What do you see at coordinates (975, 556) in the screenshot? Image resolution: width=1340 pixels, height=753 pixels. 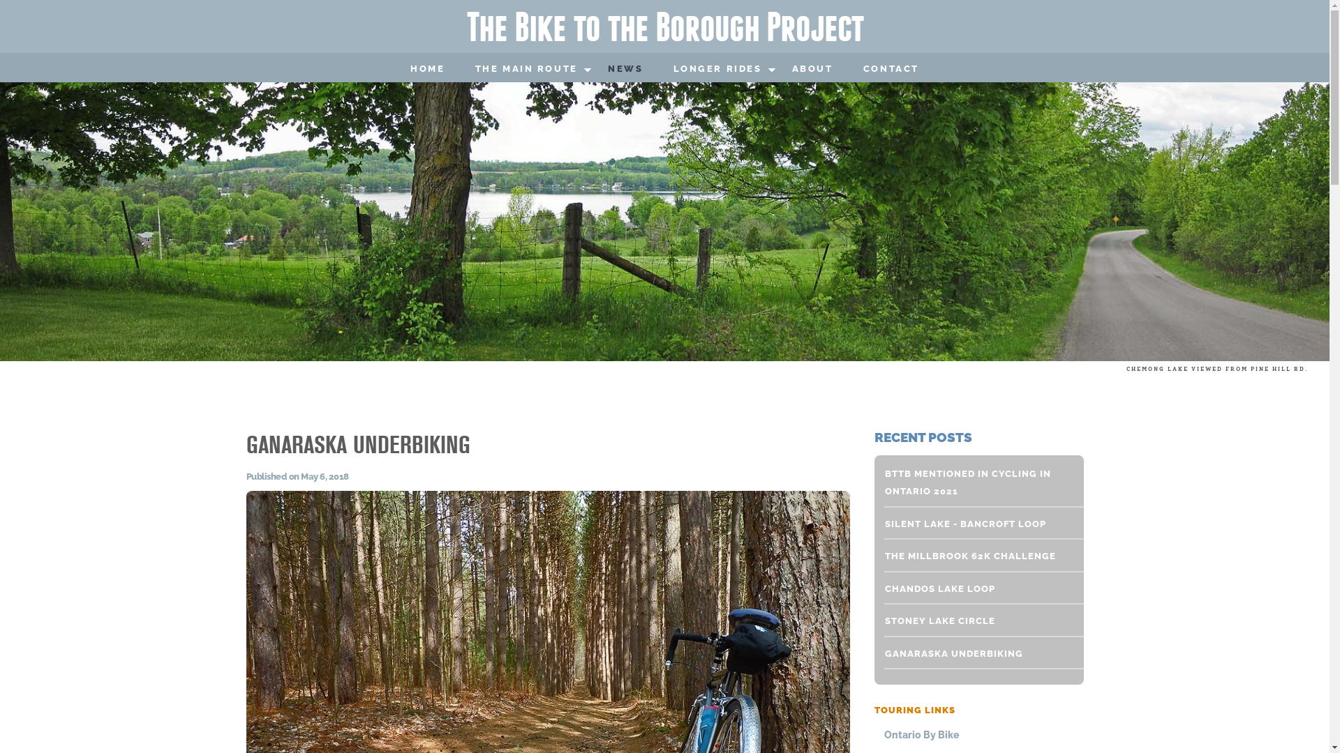 I see `'THE MILLBROOK 62K CHALLENGE'` at bounding box center [975, 556].